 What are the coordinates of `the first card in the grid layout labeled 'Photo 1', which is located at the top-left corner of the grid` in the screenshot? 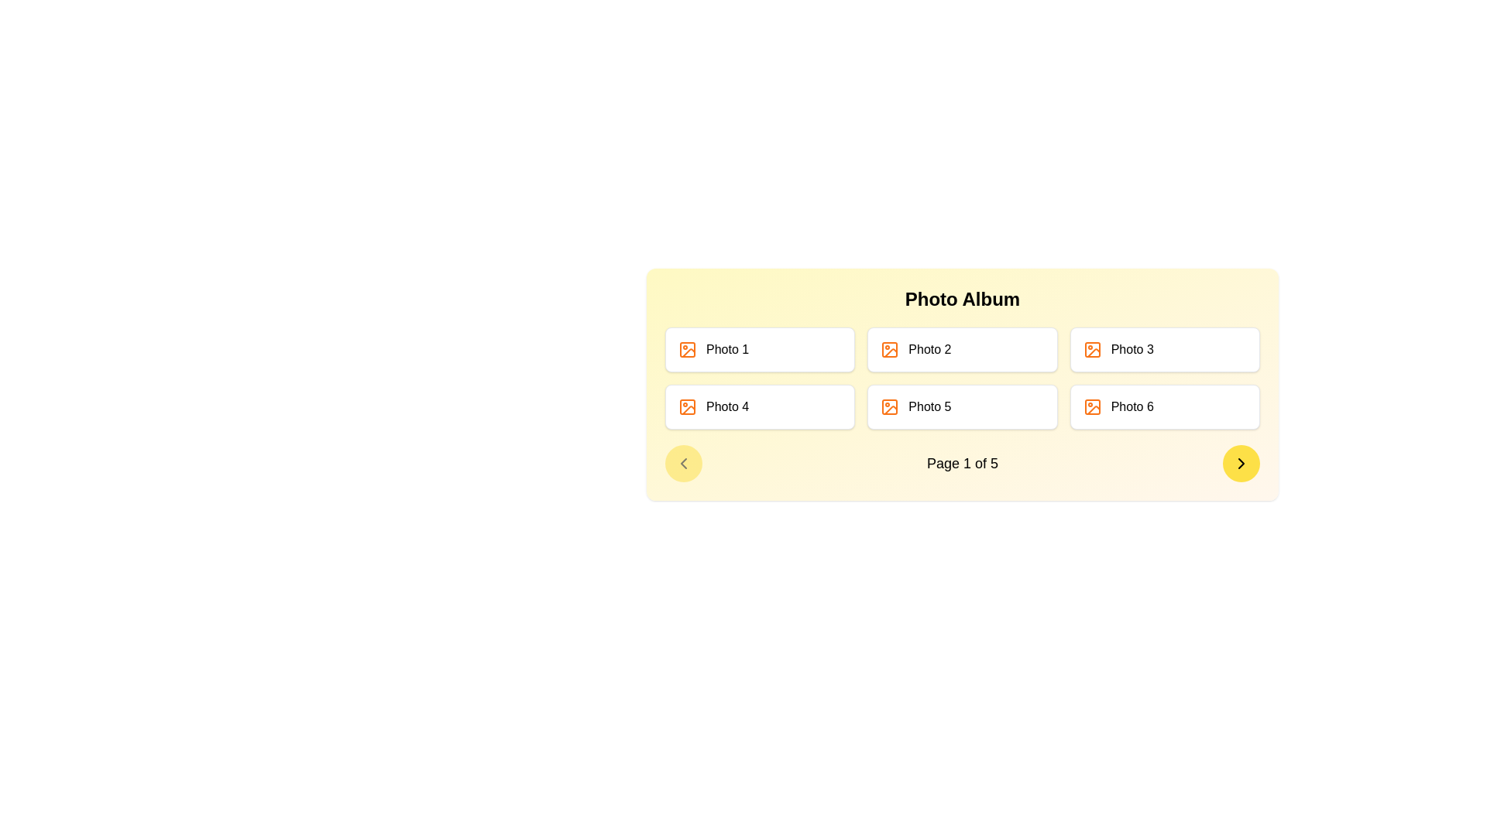 It's located at (760, 349).